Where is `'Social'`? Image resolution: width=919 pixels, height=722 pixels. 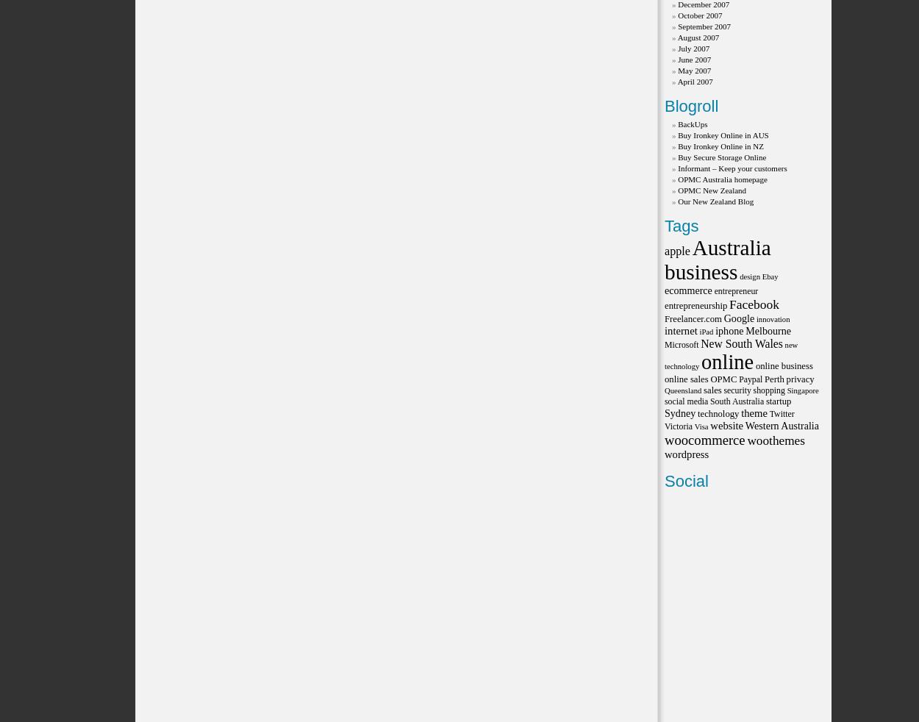 'Social' is located at coordinates (686, 480).